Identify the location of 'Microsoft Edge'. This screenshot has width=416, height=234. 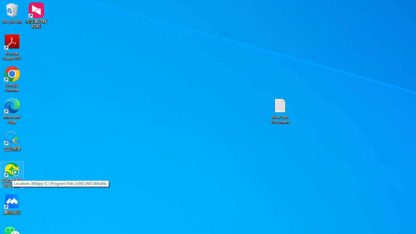
(12, 110).